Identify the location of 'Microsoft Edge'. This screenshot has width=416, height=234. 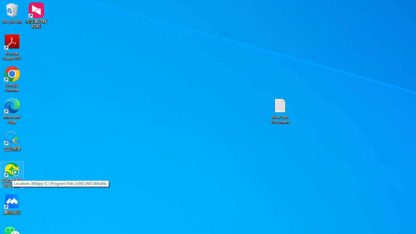
(12, 110).